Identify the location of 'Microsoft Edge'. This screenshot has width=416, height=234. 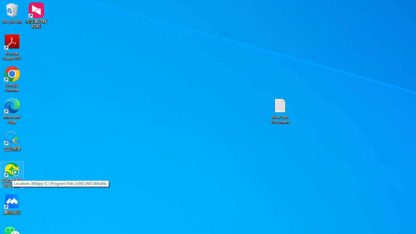
(12, 110).